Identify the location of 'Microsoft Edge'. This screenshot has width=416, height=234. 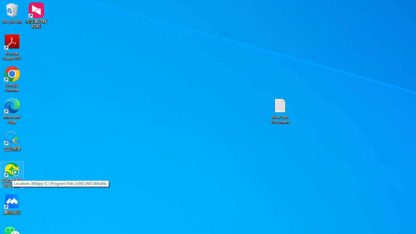
(12, 110).